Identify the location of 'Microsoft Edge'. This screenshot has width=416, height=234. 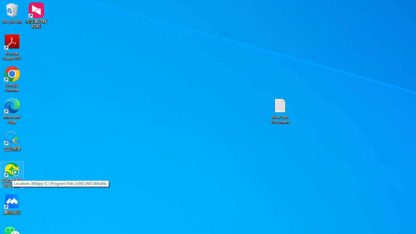
(12, 110).